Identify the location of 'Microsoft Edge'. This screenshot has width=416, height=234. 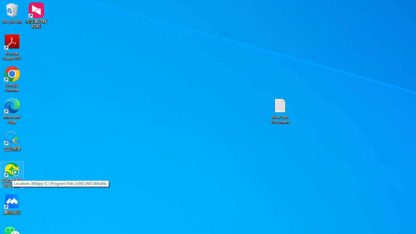
(12, 110).